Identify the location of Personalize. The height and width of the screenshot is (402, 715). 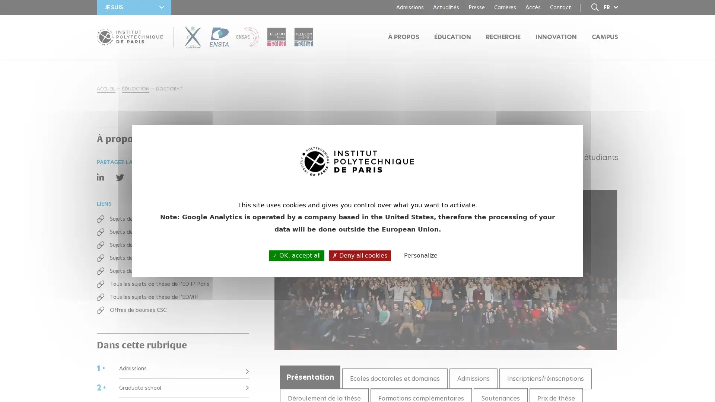
(420, 255).